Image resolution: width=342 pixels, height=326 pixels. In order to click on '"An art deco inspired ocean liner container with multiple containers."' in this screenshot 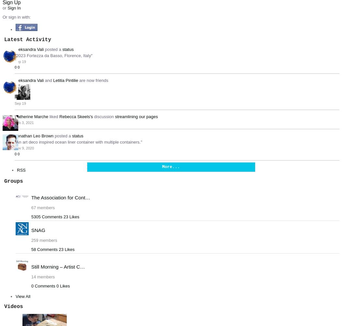, I will do `click(78, 142)`.